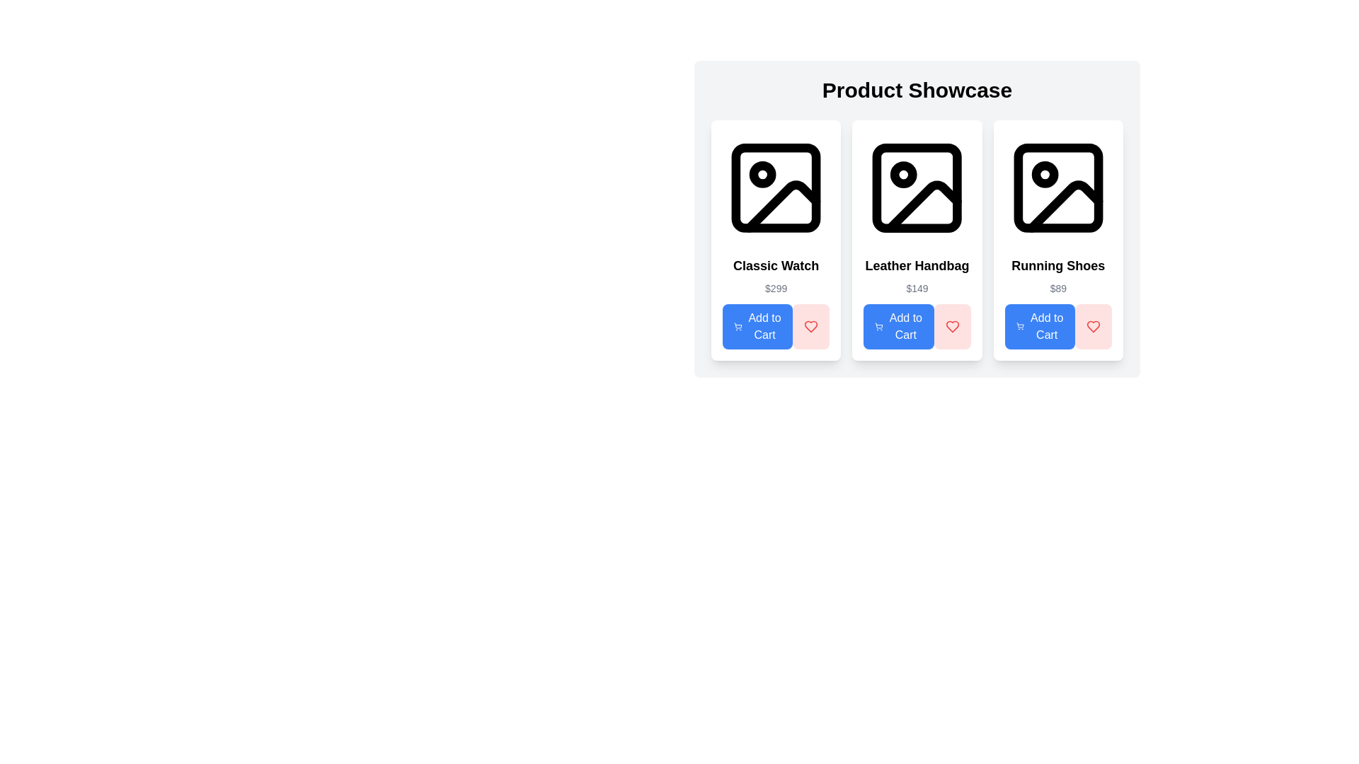 This screenshot has width=1359, height=764. I want to click on the 'Wishlist' button located at the bottom right side of the 'Running Shoes' product card, so click(1093, 327).